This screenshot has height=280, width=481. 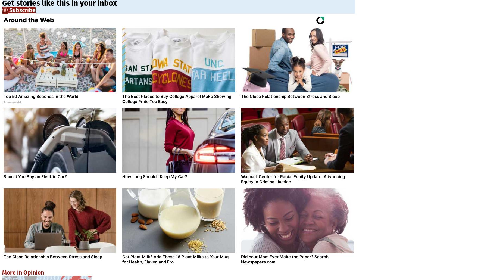 I want to click on 'Around the Web', so click(x=29, y=20).